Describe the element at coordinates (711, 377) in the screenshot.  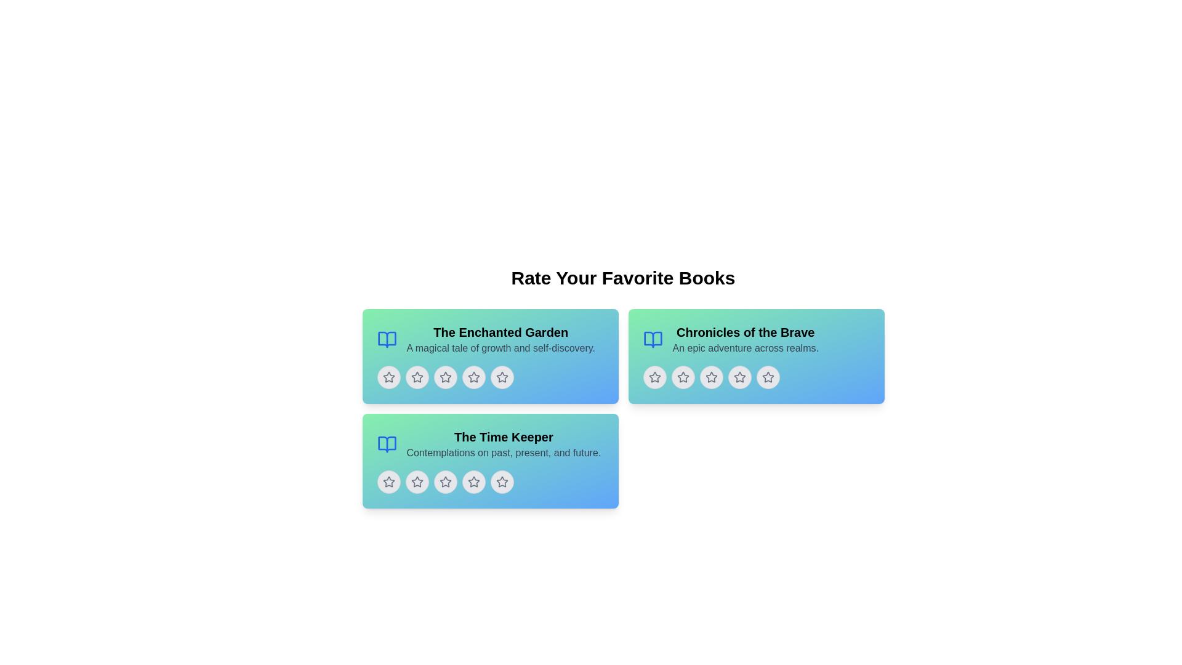
I see `the third star icon in the rating option within the 'Chronicles of the Brave' section` at that location.